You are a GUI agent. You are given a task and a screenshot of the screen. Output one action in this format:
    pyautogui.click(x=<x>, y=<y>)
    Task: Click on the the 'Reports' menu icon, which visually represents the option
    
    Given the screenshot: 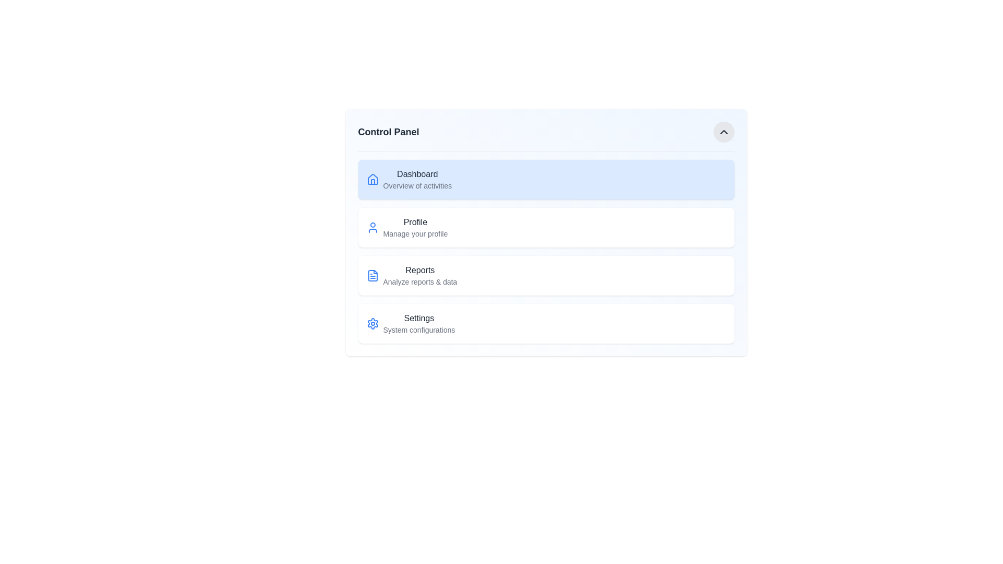 What is the action you would take?
    pyautogui.click(x=372, y=275)
    